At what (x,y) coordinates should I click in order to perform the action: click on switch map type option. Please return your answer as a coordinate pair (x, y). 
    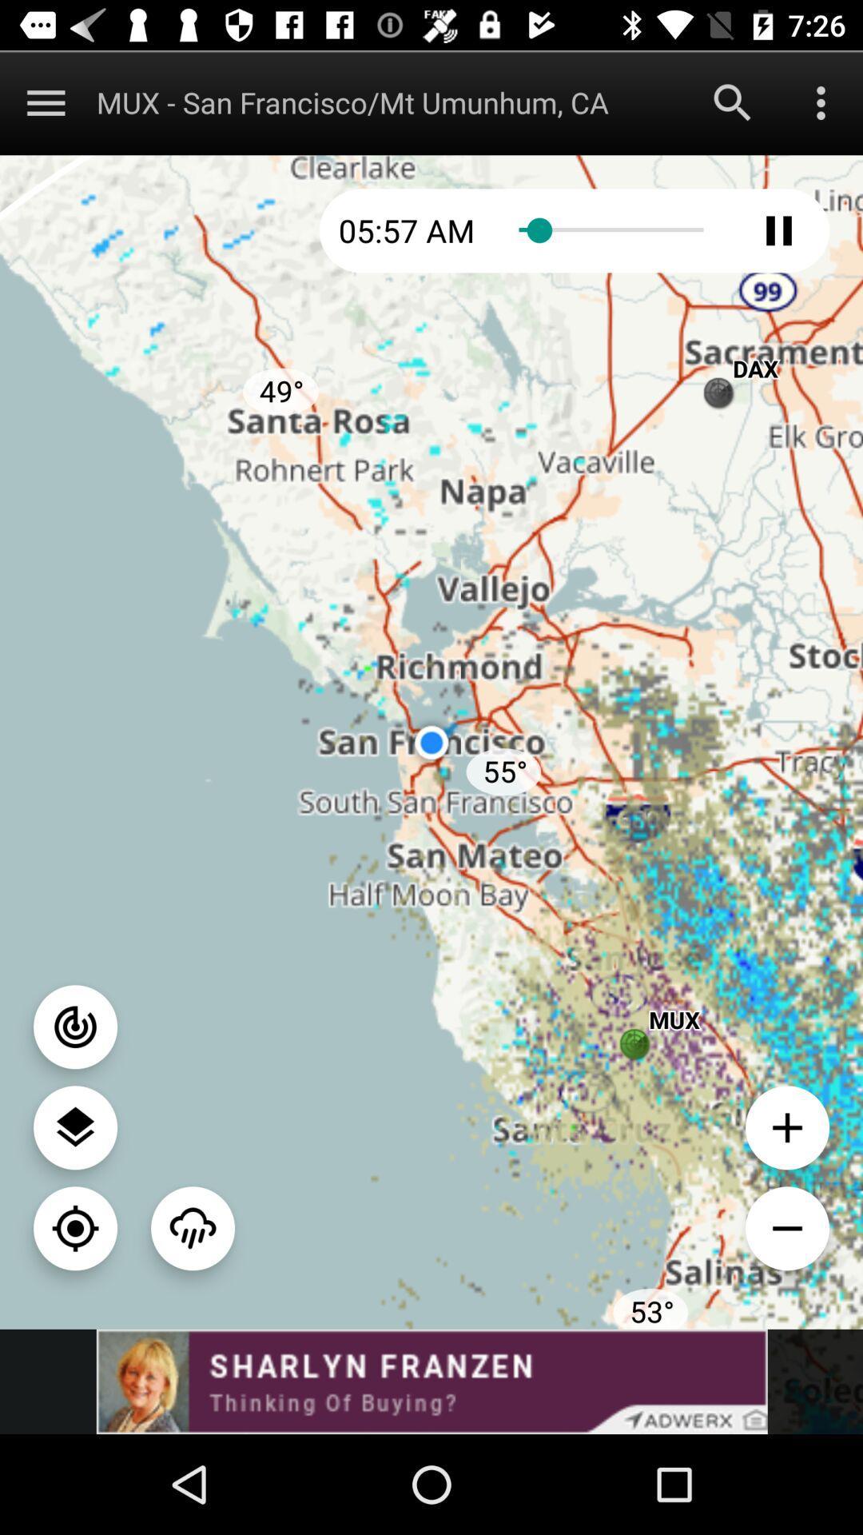
    Looking at the image, I should click on (75, 1126).